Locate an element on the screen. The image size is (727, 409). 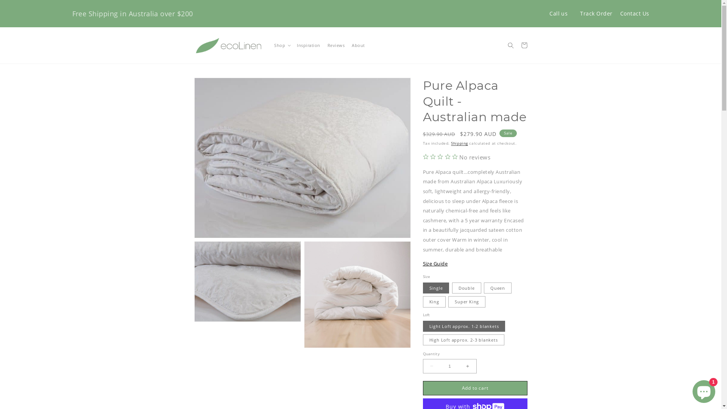
'Increase quantity for Pure Alpaca Quilt - Australian made' is located at coordinates (467, 366).